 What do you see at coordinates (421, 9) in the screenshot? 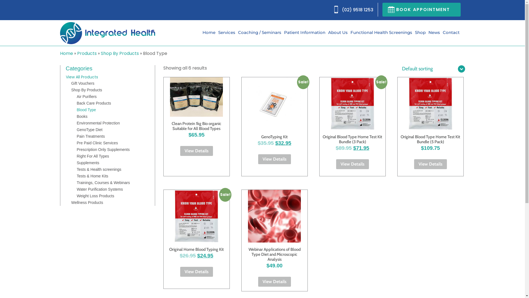
I see `'BOOK APPOINTMENT'` at bounding box center [421, 9].